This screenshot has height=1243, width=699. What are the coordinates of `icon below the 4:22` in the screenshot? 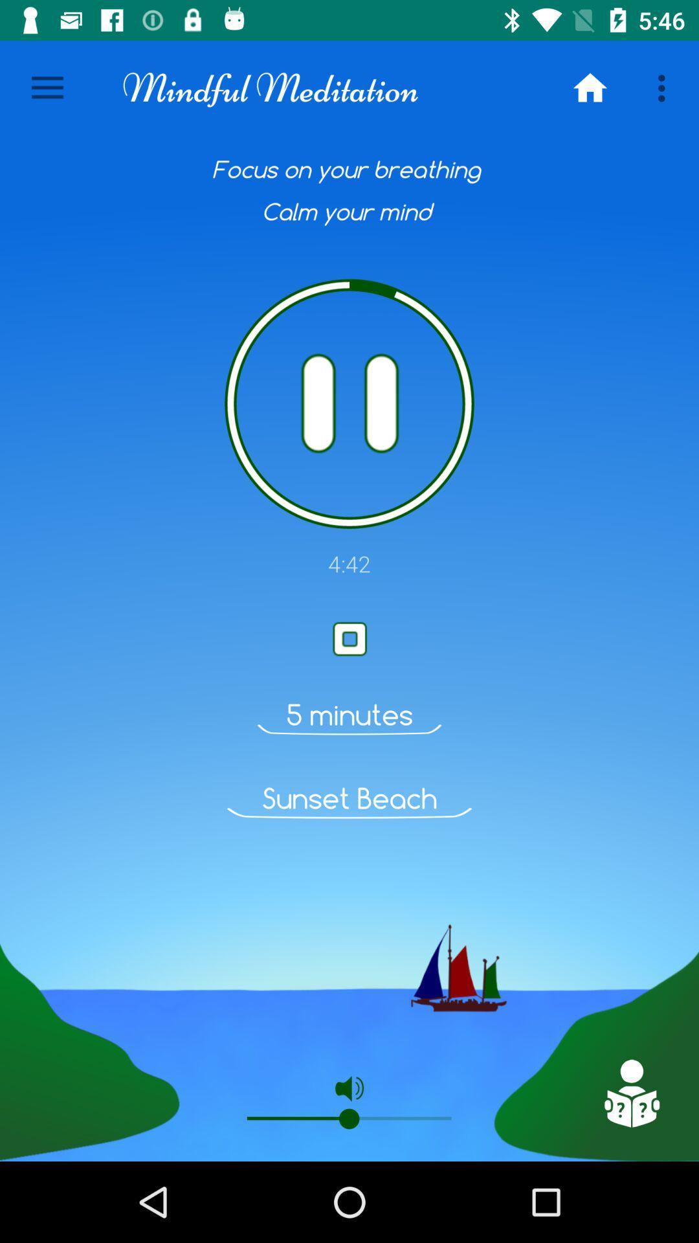 It's located at (630, 1093).